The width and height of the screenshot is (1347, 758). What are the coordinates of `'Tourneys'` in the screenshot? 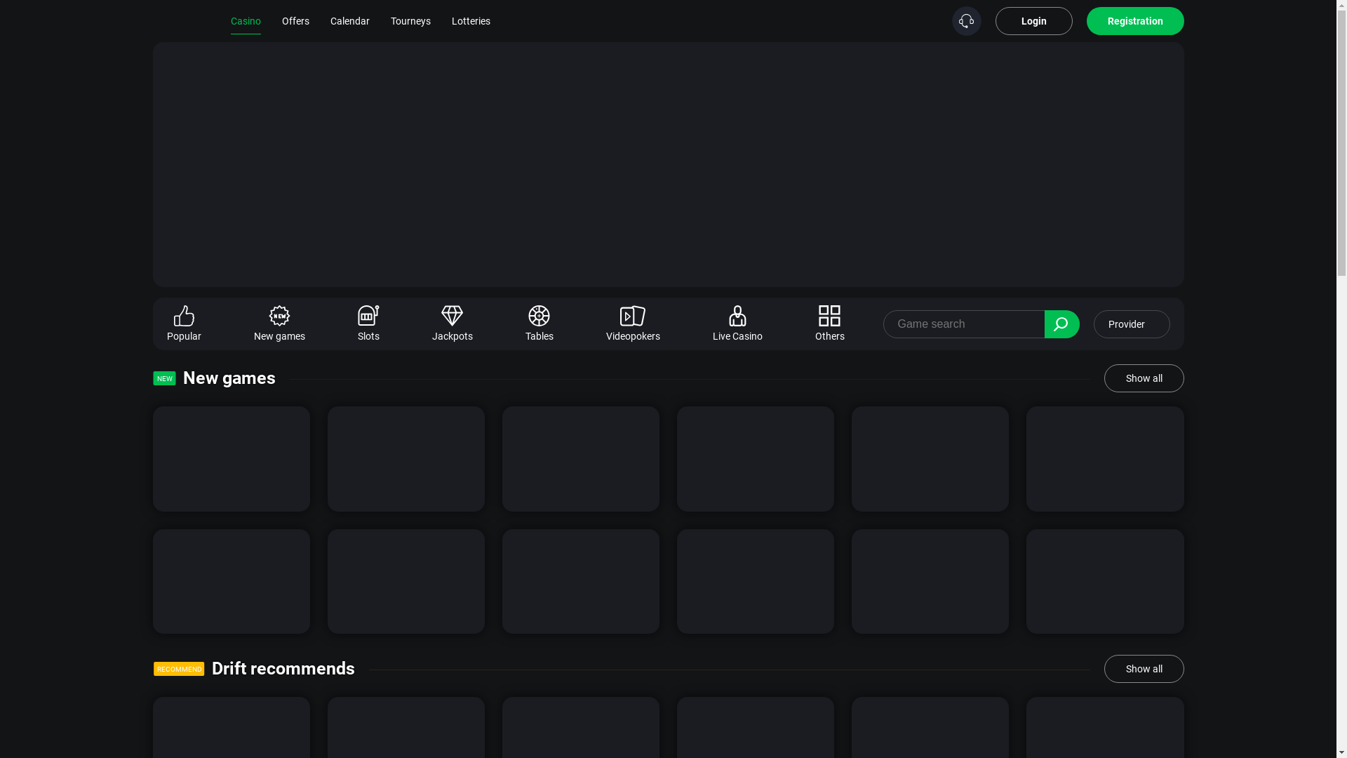 It's located at (390, 21).